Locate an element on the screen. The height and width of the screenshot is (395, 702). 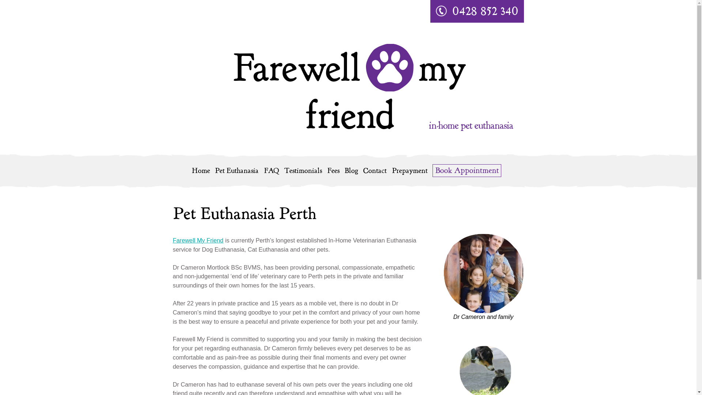
'Prepayment' is located at coordinates (409, 171).